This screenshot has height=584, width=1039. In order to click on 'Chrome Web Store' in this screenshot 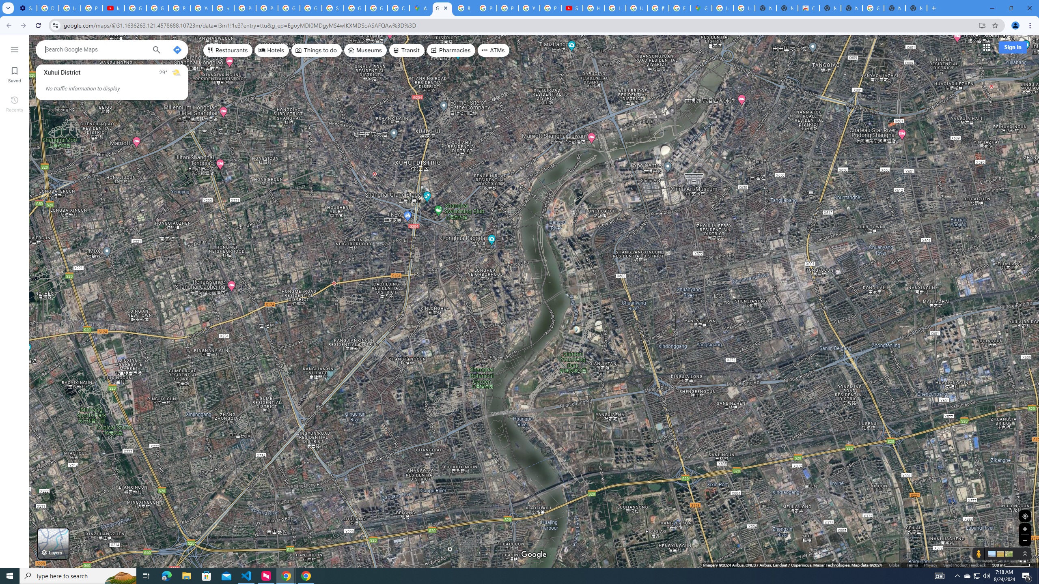, I will do `click(808, 8)`.